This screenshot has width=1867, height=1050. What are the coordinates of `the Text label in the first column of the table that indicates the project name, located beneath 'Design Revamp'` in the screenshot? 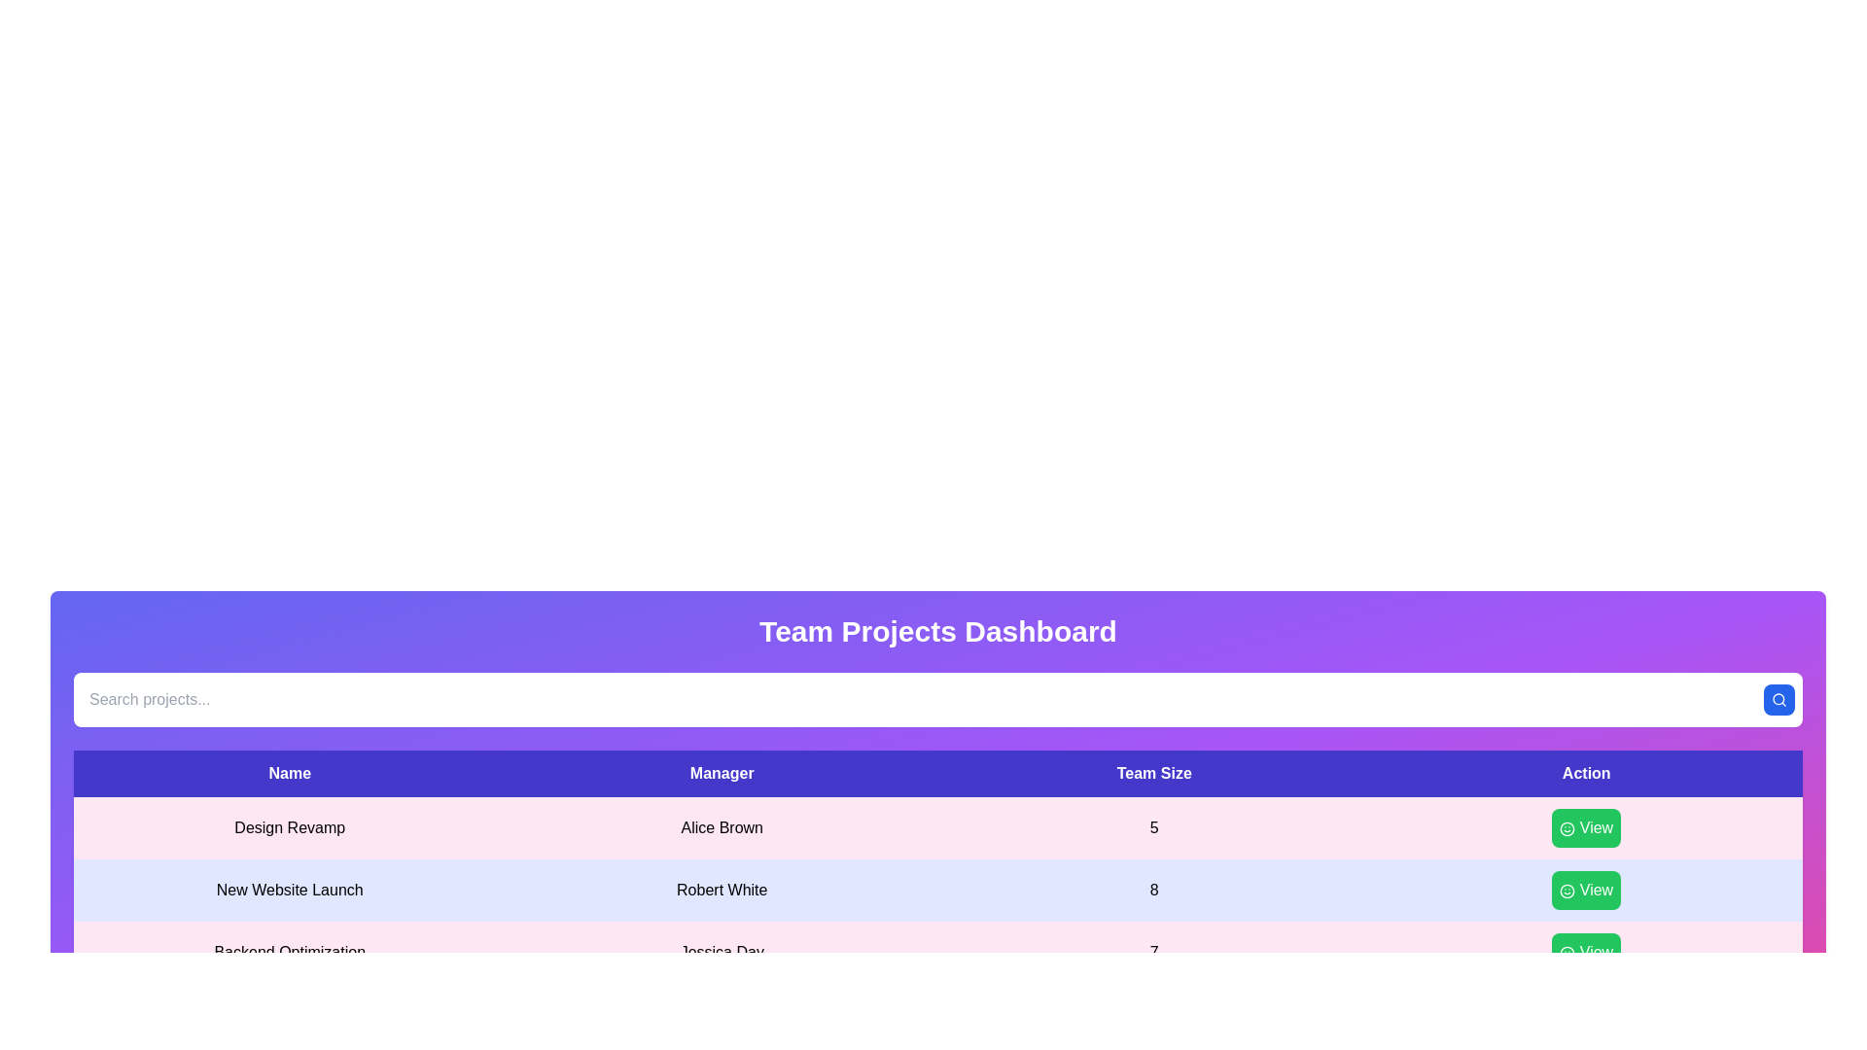 It's located at (289, 890).